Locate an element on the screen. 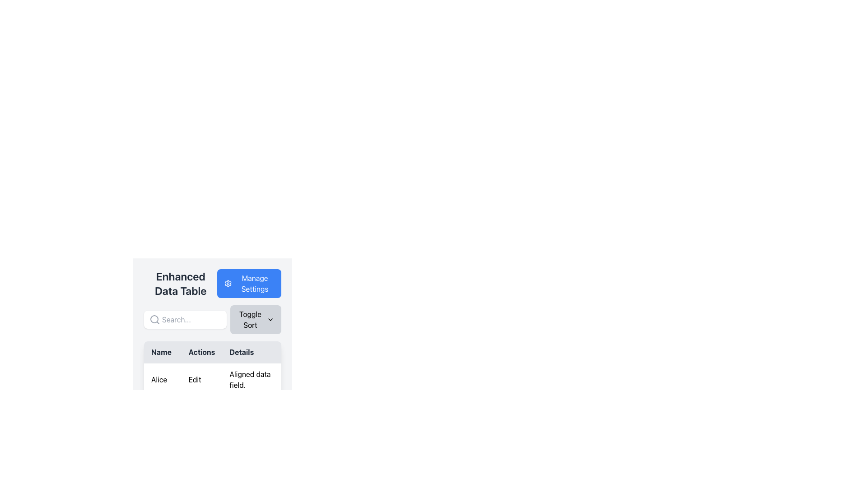 The width and height of the screenshot is (867, 487). the search input field located on the left side of the interface, intended for users to type in search queries, to focus on it is located at coordinates (185, 319).